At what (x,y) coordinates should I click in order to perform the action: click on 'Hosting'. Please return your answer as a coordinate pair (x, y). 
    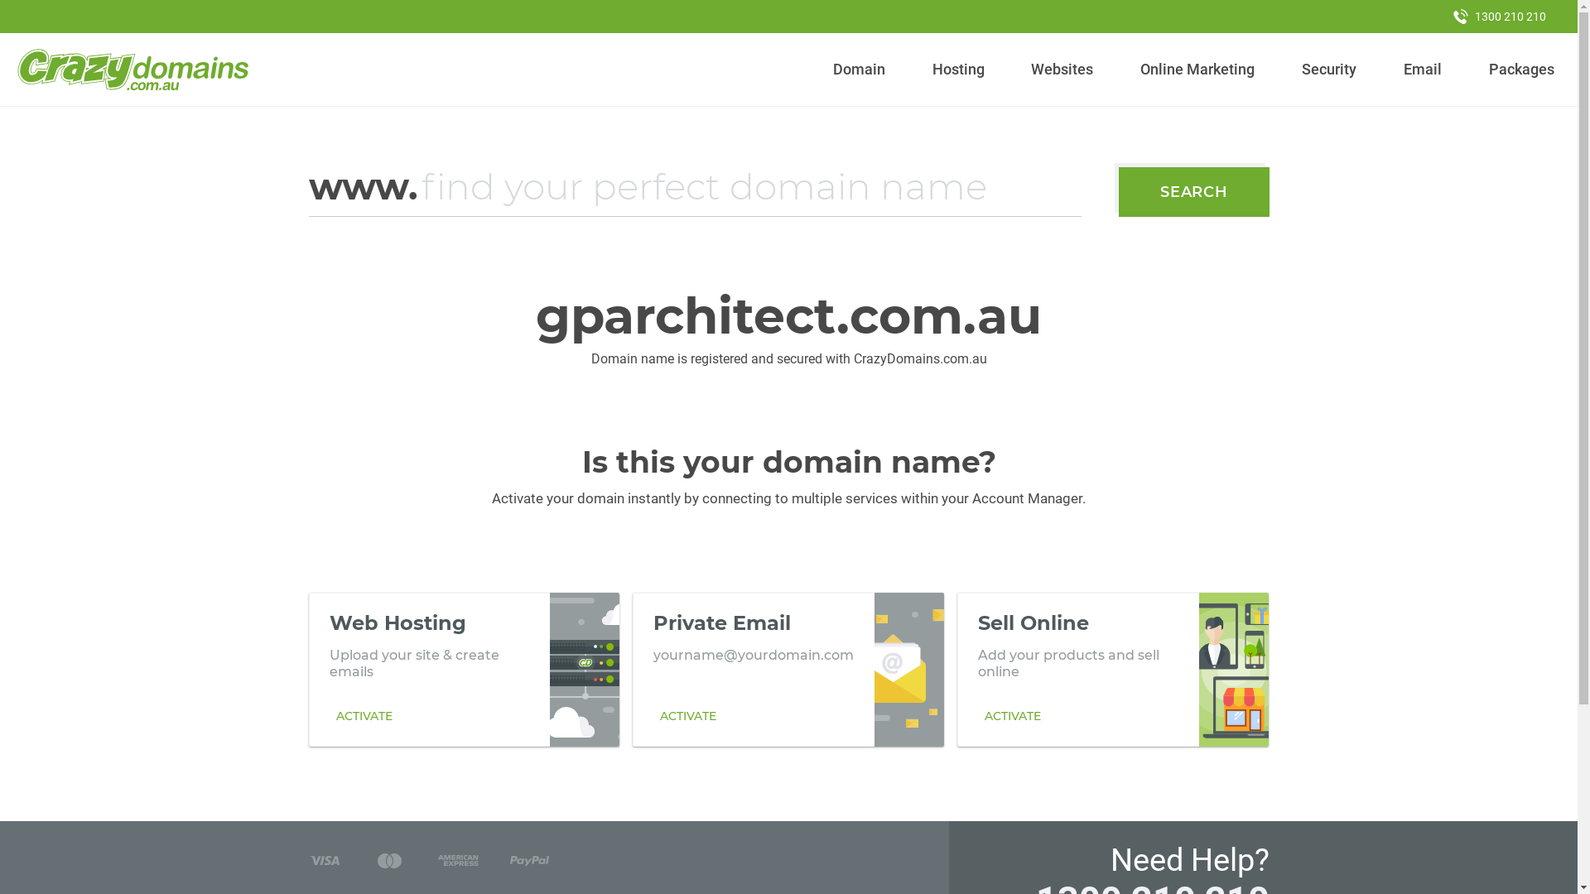
    Looking at the image, I should click on (957, 69).